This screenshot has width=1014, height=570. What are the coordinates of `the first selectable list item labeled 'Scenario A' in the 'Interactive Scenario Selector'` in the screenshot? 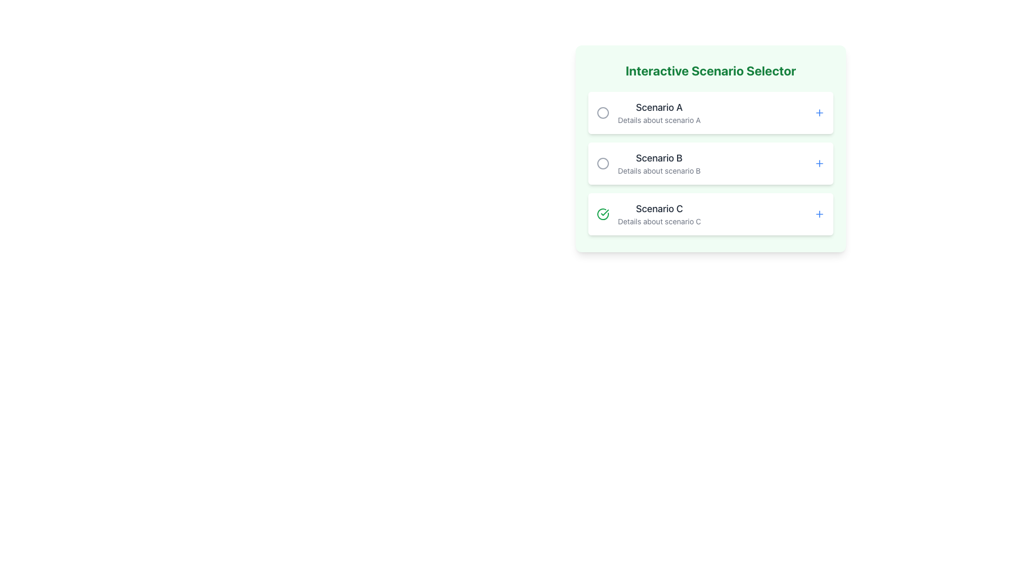 It's located at (648, 112).